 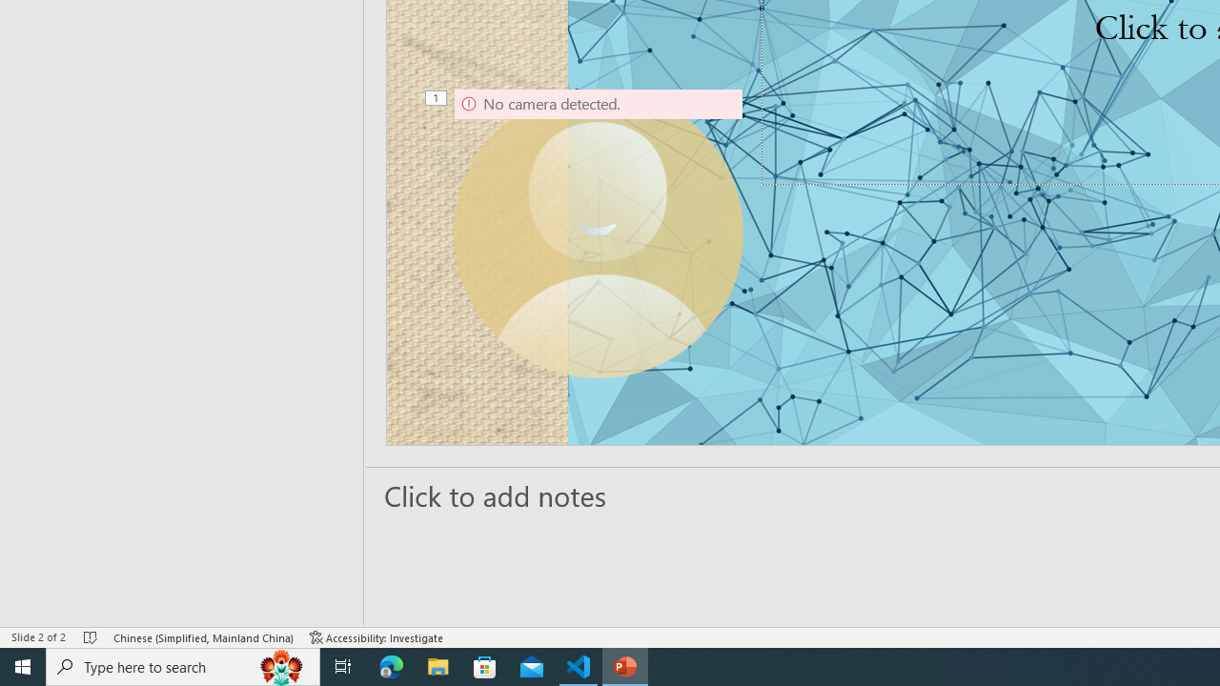 What do you see at coordinates (436, 99) in the screenshot?
I see `'Animation, sequence 1, on Camera 9'` at bounding box center [436, 99].